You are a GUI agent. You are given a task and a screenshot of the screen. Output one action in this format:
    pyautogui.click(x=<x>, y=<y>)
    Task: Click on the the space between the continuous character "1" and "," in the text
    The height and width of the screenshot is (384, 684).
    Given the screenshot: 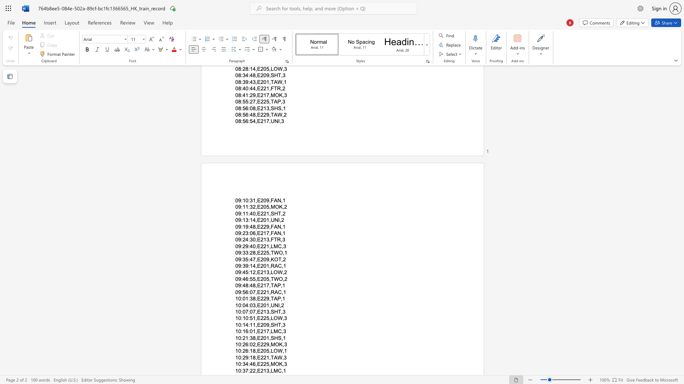 What is the action you would take?
    pyautogui.click(x=268, y=266)
    